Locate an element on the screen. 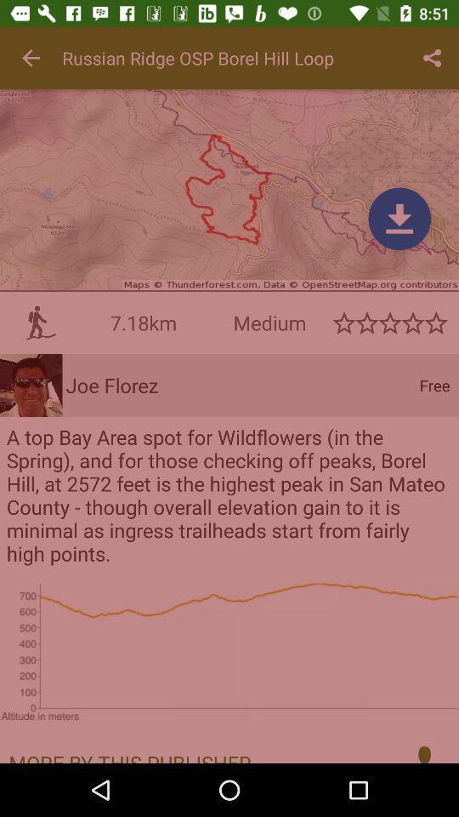 The image size is (459, 817). page down is located at coordinates (399, 218).